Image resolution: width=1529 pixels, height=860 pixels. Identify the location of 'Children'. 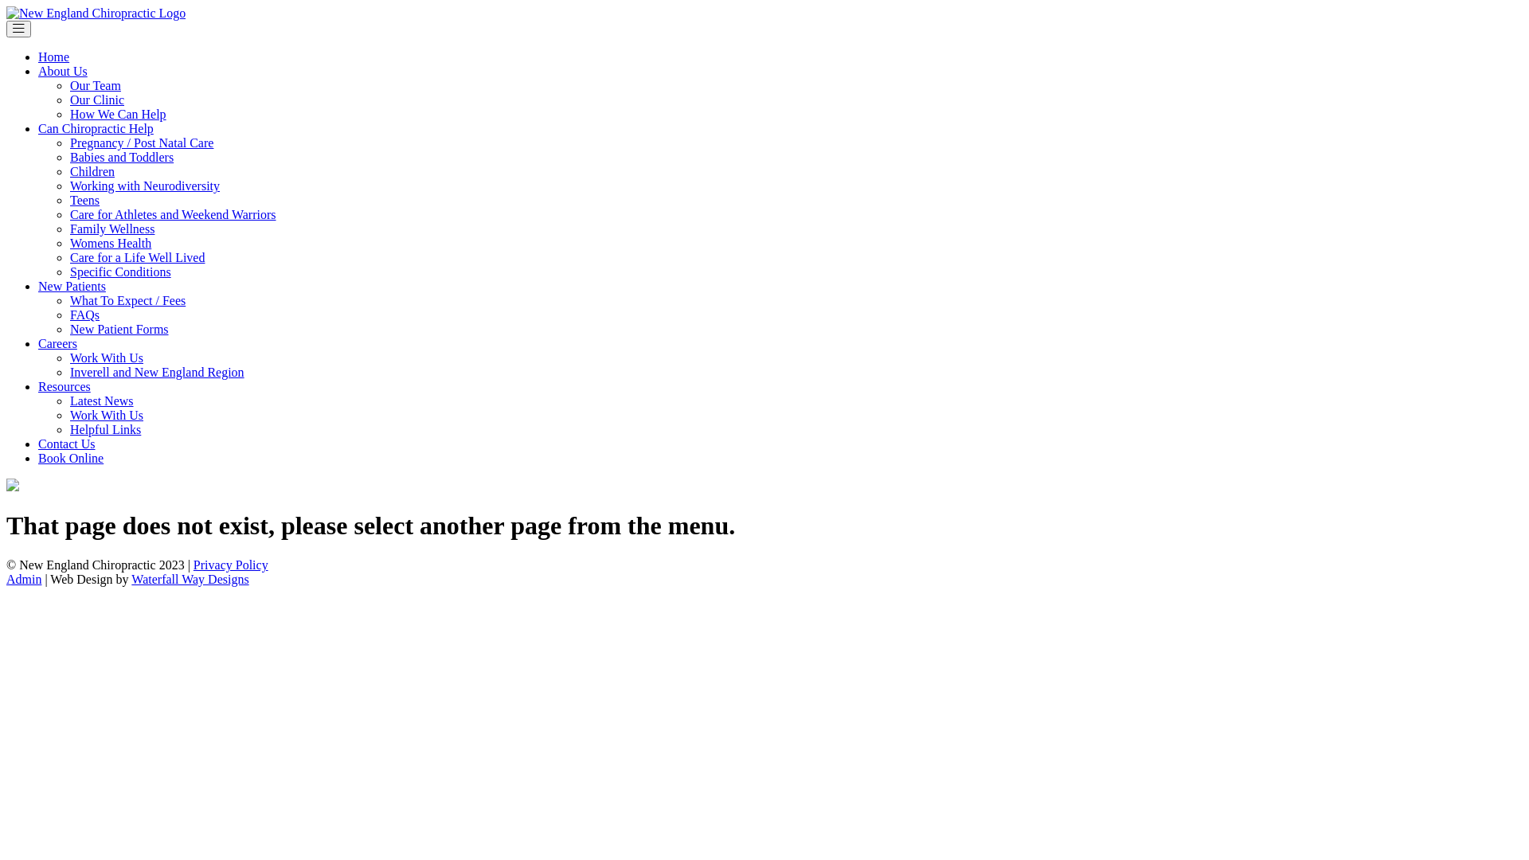
(68, 171).